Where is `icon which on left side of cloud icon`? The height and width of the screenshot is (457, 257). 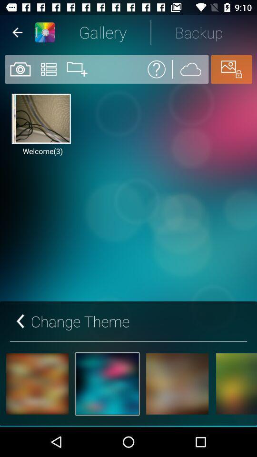
icon which on left side of cloud icon is located at coordinates (157, 69).